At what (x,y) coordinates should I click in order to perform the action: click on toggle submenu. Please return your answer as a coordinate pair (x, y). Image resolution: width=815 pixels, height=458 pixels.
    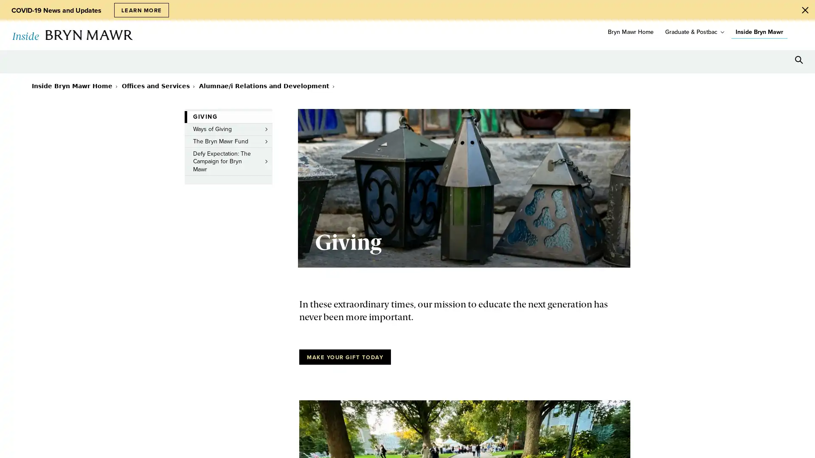
    Looking at the image, I should click on (185, 55).